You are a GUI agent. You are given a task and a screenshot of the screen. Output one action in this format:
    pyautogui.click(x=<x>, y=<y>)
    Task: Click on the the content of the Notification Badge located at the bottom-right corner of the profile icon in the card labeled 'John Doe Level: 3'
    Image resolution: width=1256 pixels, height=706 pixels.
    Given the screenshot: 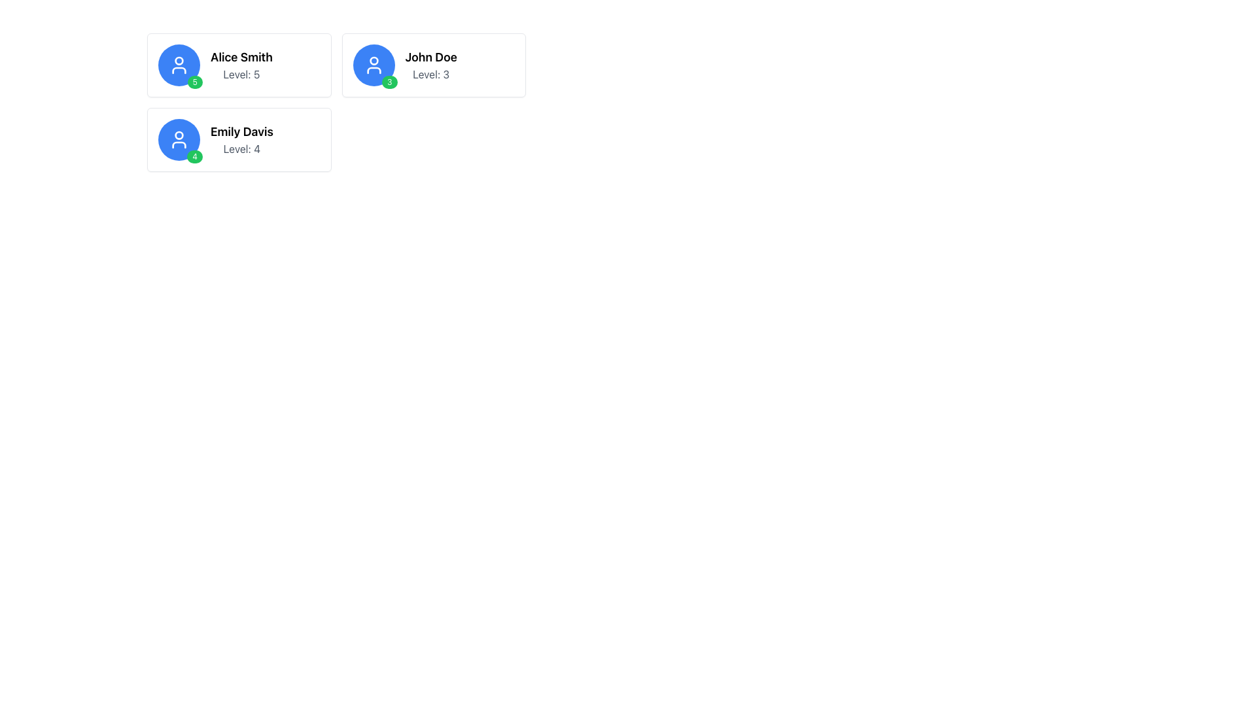 What is the action you would take?
    pyautogui.click(x=389, y=82)
    